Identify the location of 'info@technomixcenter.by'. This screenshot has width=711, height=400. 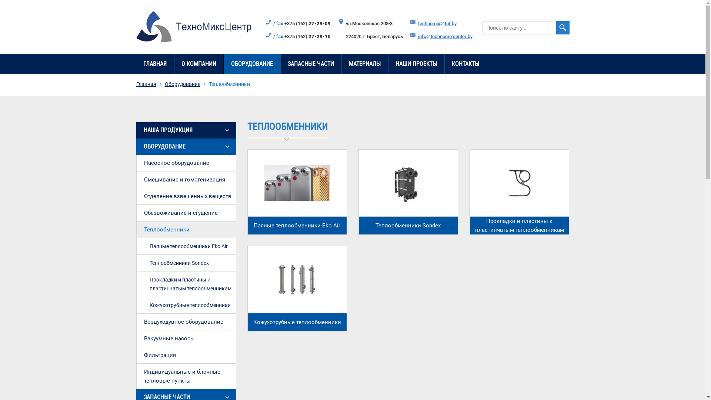
(444, 36).